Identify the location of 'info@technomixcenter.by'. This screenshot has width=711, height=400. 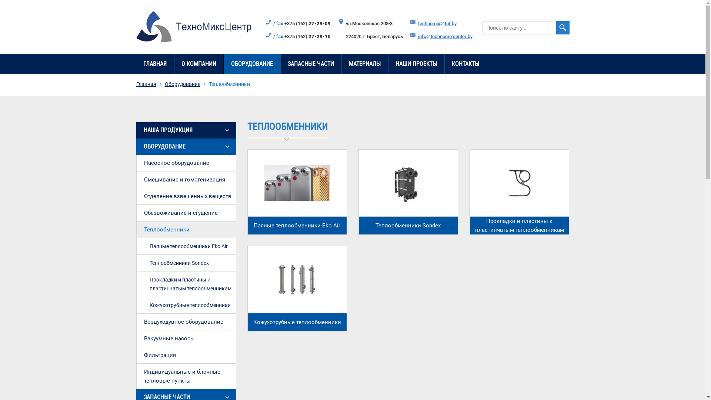
(444, 36).